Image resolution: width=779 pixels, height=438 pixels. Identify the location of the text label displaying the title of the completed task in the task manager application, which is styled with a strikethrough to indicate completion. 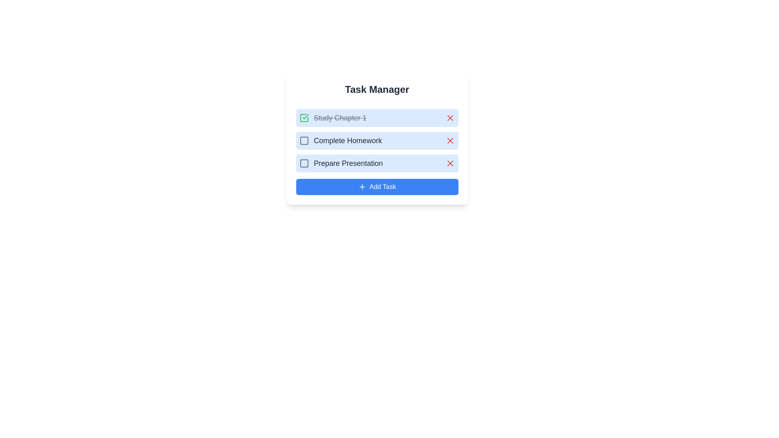
(333, 118).